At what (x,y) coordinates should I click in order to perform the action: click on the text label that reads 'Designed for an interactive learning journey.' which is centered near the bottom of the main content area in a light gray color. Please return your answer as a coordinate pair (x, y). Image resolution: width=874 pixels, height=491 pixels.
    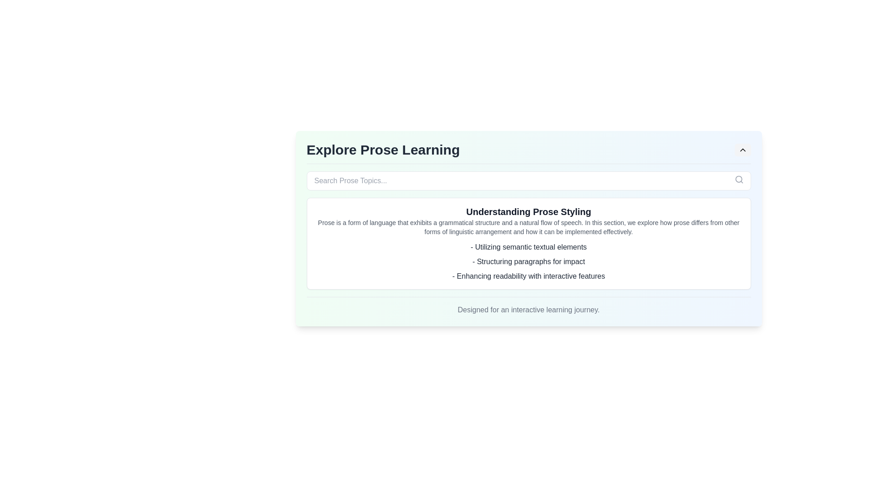
    Looking at the image, I should click on (528, 310).